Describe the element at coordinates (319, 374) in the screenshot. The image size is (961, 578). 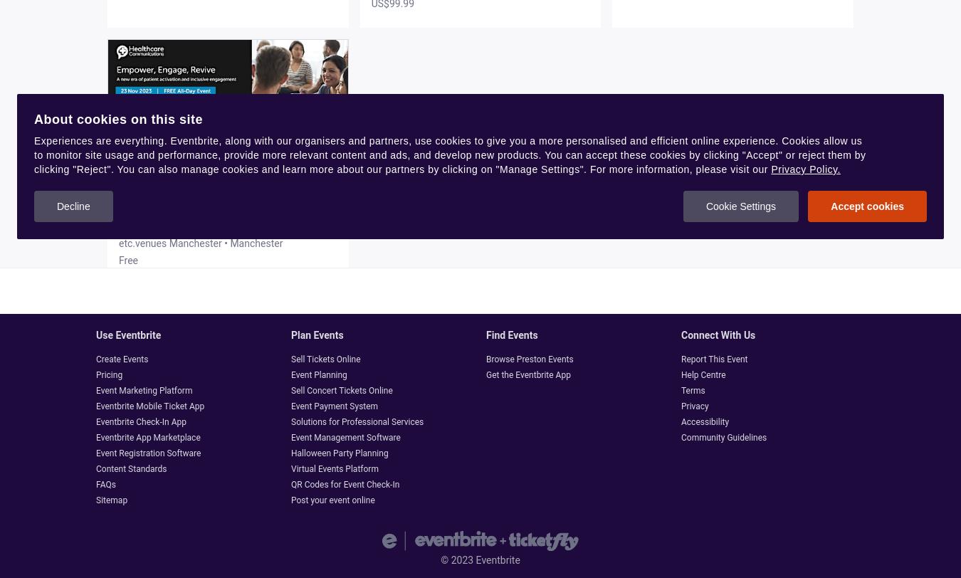
I see `'Event Planning'` at that location.